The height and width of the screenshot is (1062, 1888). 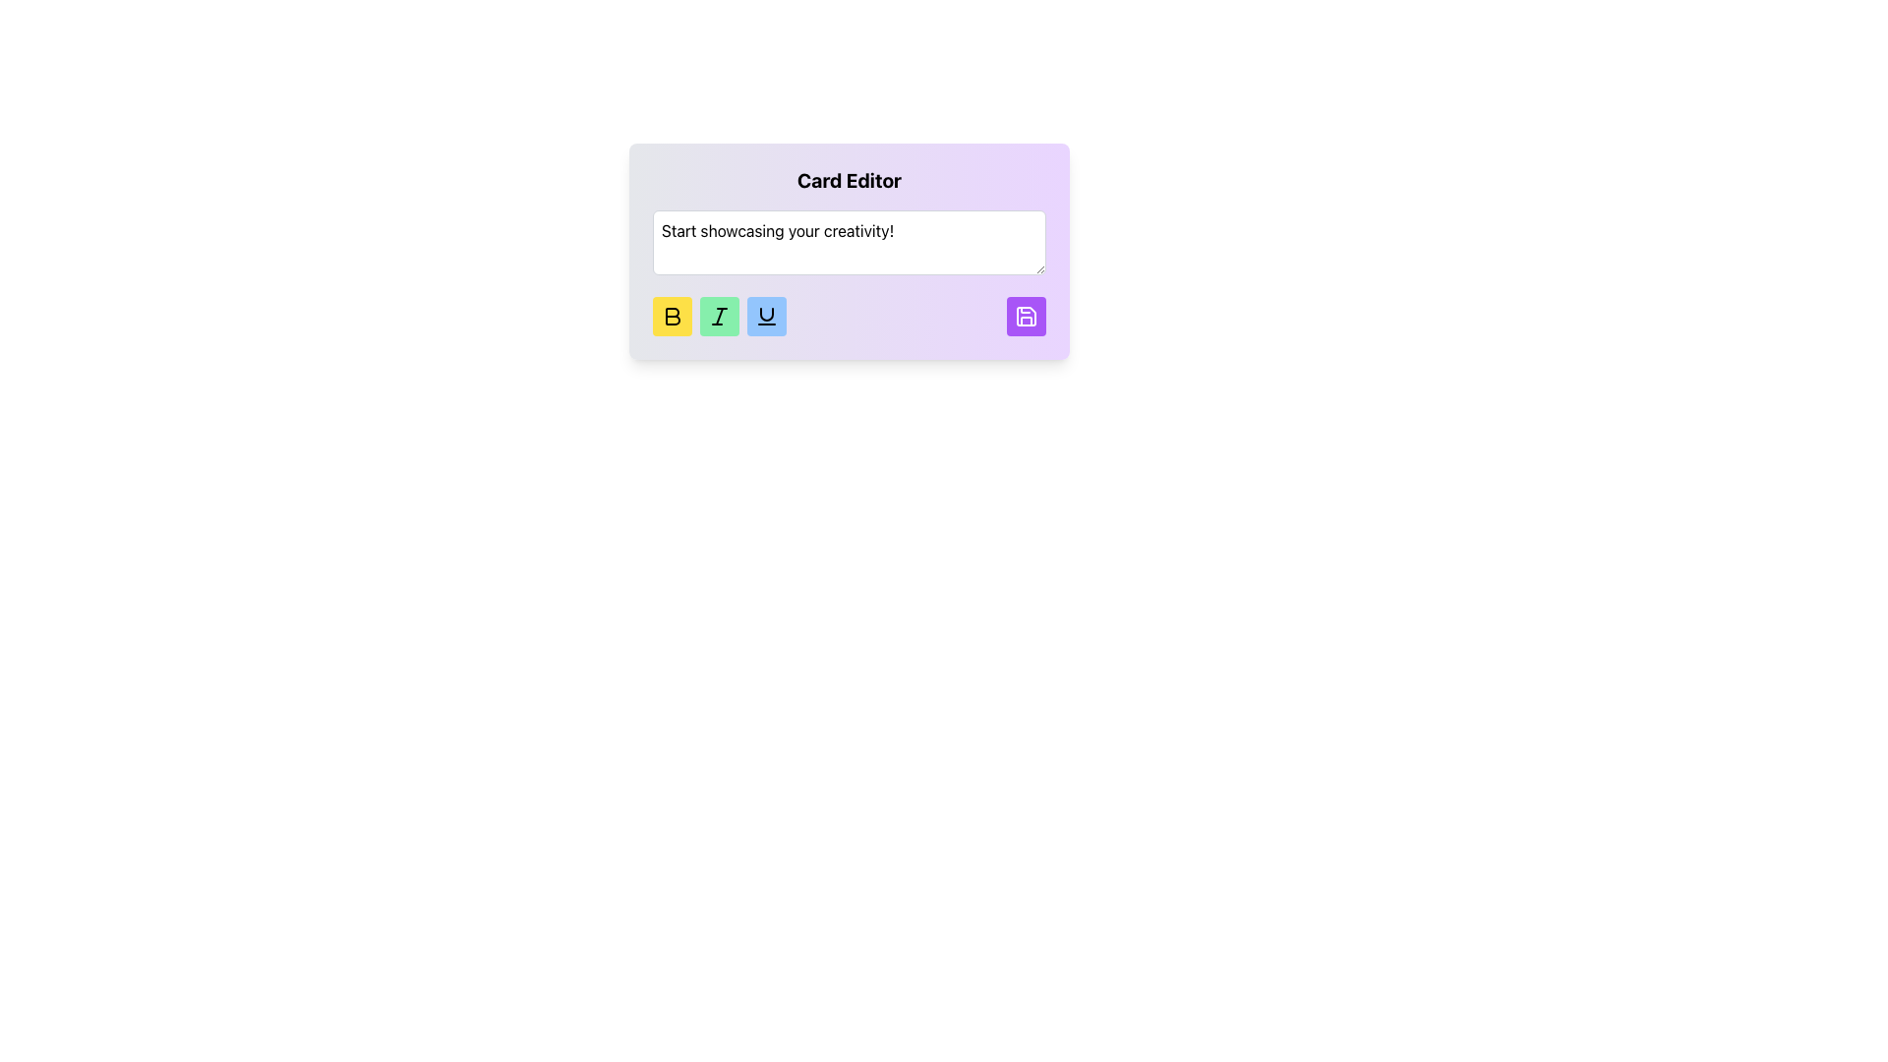 I want to click on the blue button with an underlined 'U' icon, so click(x=765, y=315).